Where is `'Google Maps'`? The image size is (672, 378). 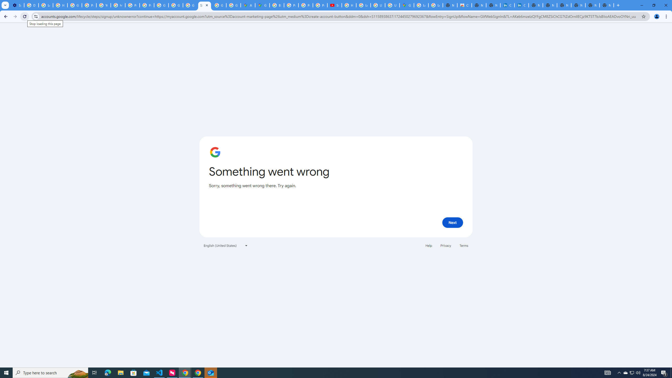 'Google Maps' is located at coordinates (262, 5).